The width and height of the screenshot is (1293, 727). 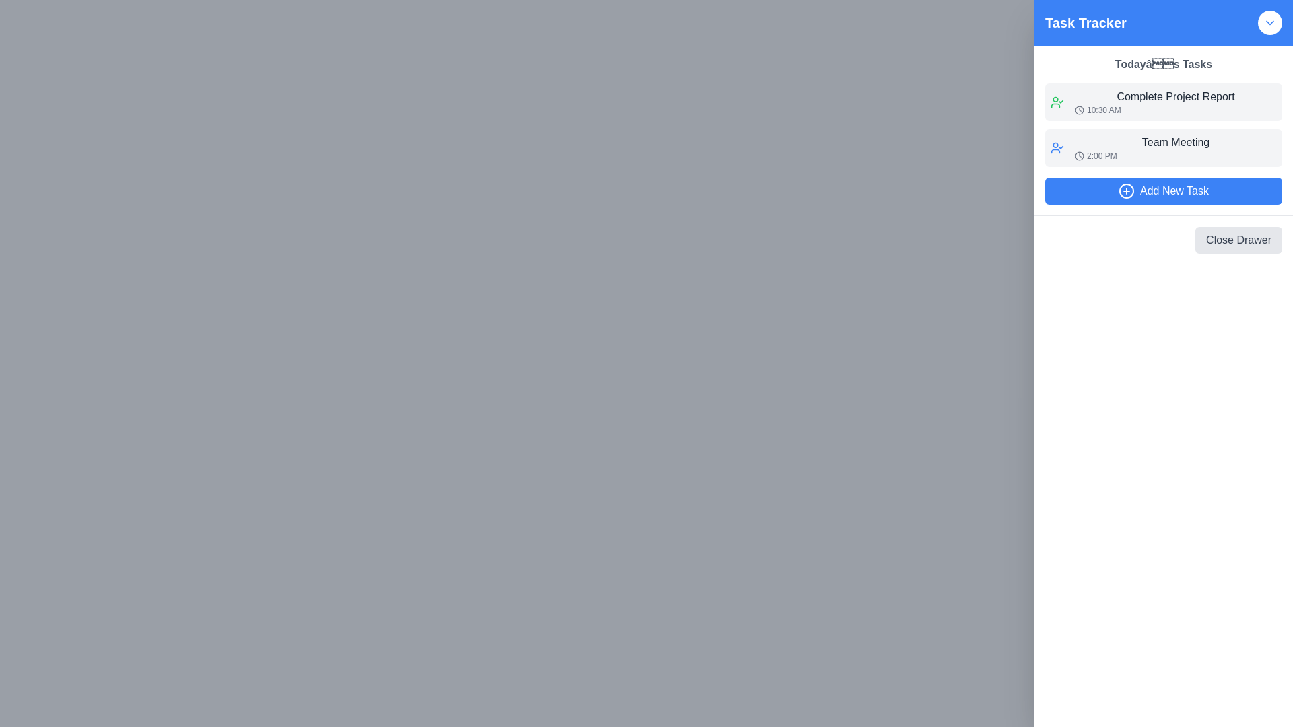 What do you see at coordinates (1269, 23) in the screenshot?
I see `the circular button with a white background and blue outline, featuring a downward-pointing chevron icon, located in the top-right corner of the header area` at bounding box center [1269, 23].